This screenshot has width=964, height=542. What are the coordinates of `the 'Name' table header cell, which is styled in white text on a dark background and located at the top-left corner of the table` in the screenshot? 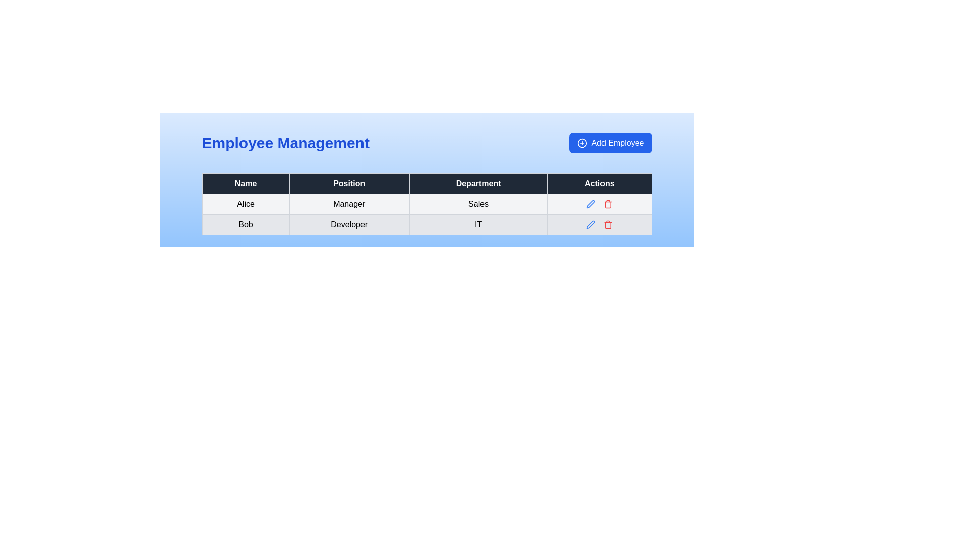 It's located at (246, 184).